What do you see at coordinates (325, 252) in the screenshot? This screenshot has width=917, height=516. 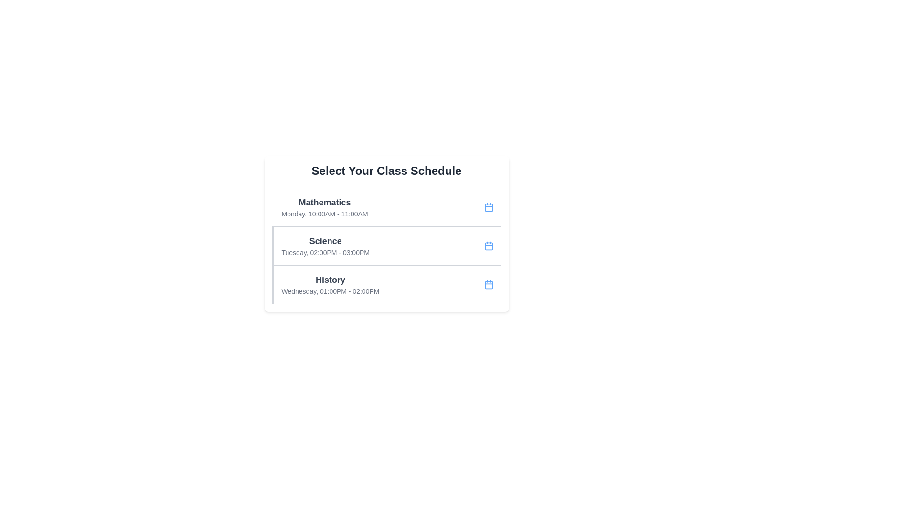 I see `the text label displaying schedule information that shows 'Tuesday, 02:00PM - 03:00PM', which is a secondary information label located below the 'Science' heading` at bounding box center [325, 252].